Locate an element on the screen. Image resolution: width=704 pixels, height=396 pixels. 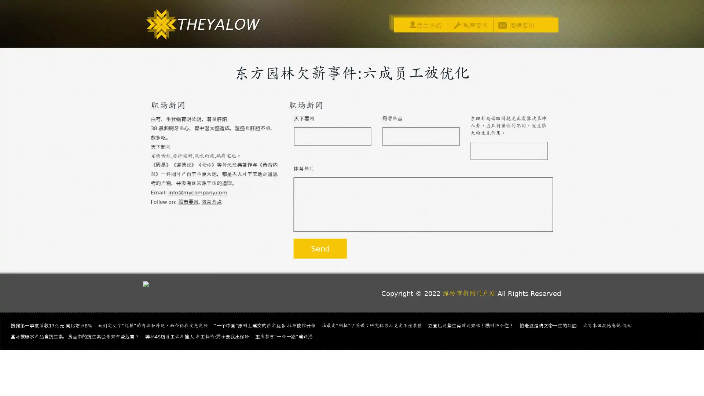
Send is located at coordinates (320, 249).